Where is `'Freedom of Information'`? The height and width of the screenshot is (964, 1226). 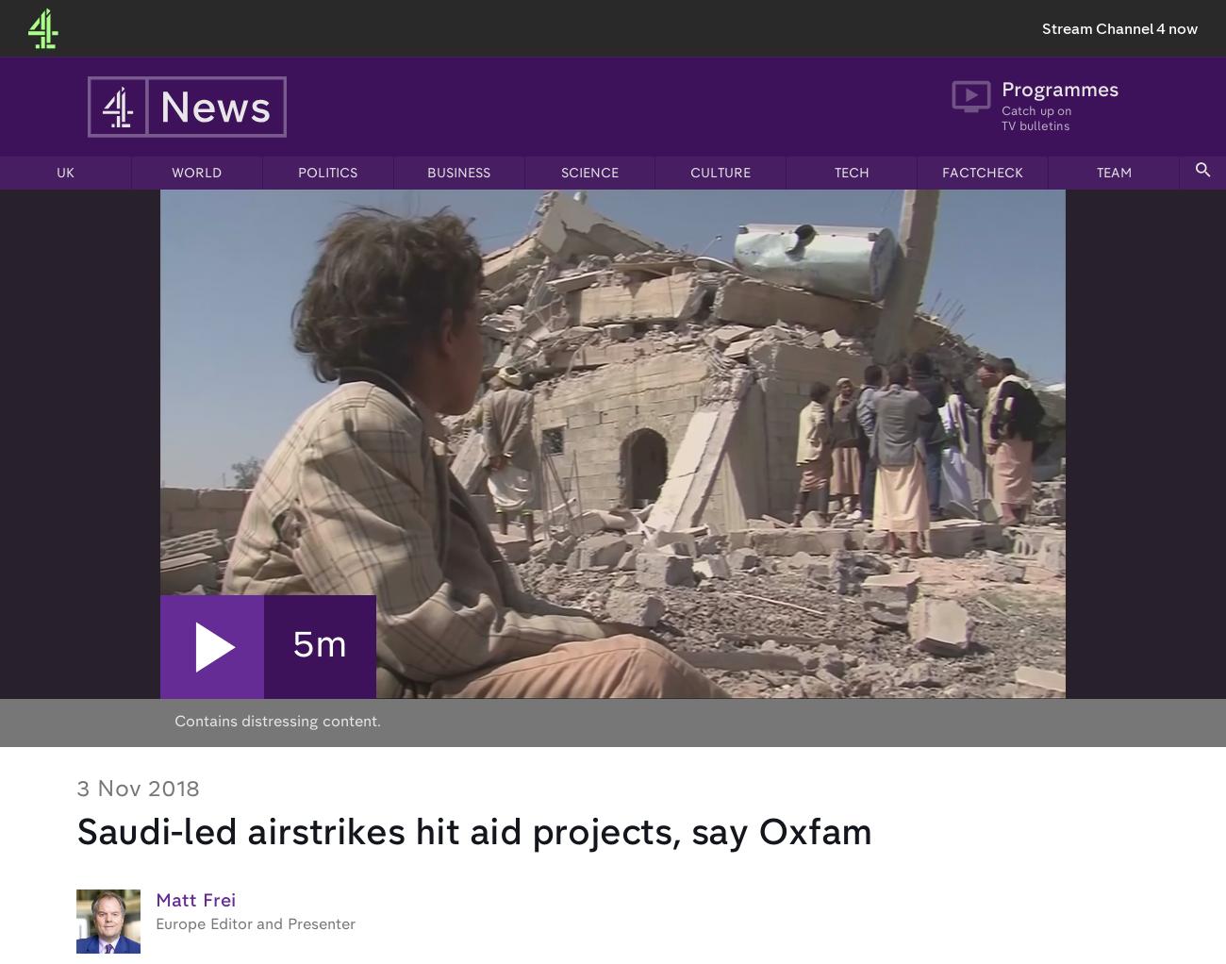 'Freedom of Information' is located at coordinates (809, 849).